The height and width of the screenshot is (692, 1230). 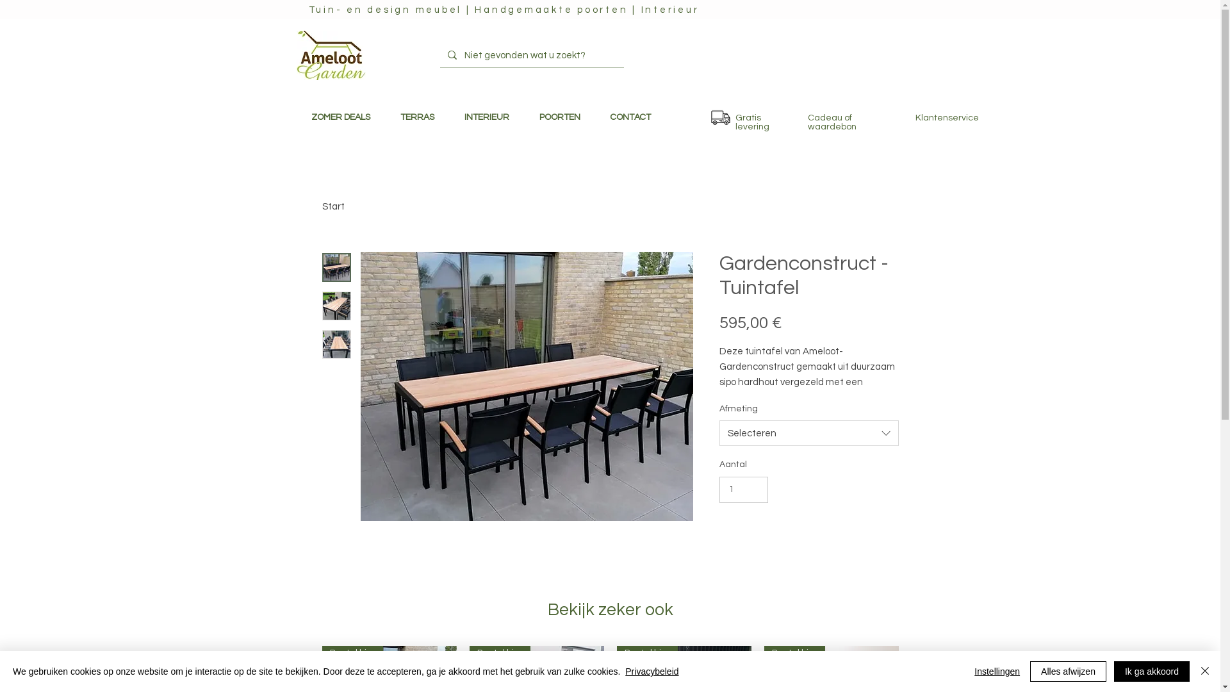 I want to click on 'TERRAS', so click(x=418, y=117).